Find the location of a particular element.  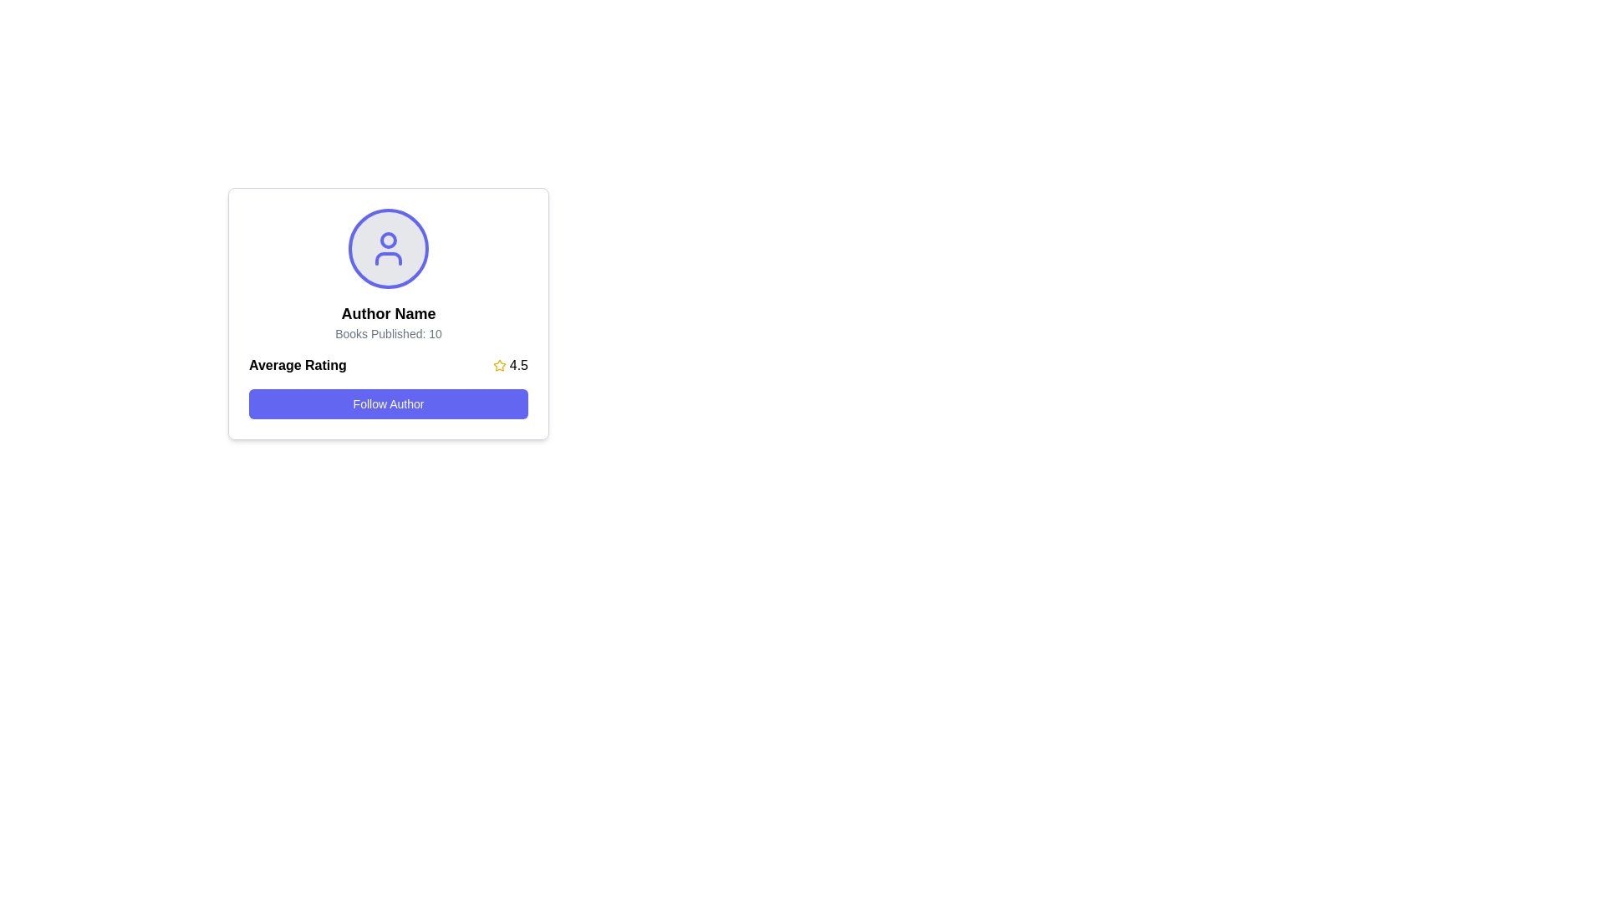

the 'Follow Author' button located at the bottom section of the author information card to follow the author is located at coordinates (388, 387).